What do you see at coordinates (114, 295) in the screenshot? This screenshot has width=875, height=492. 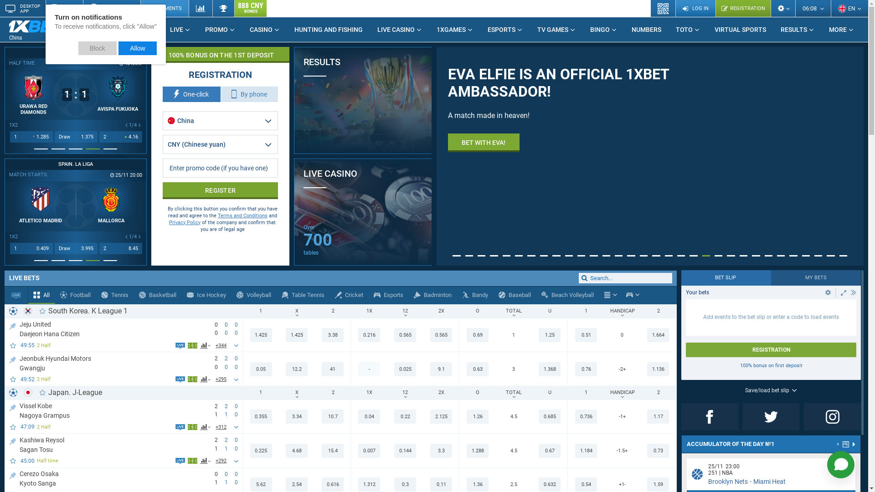 I see `'Tennis'` at bounding box center [114, 295].